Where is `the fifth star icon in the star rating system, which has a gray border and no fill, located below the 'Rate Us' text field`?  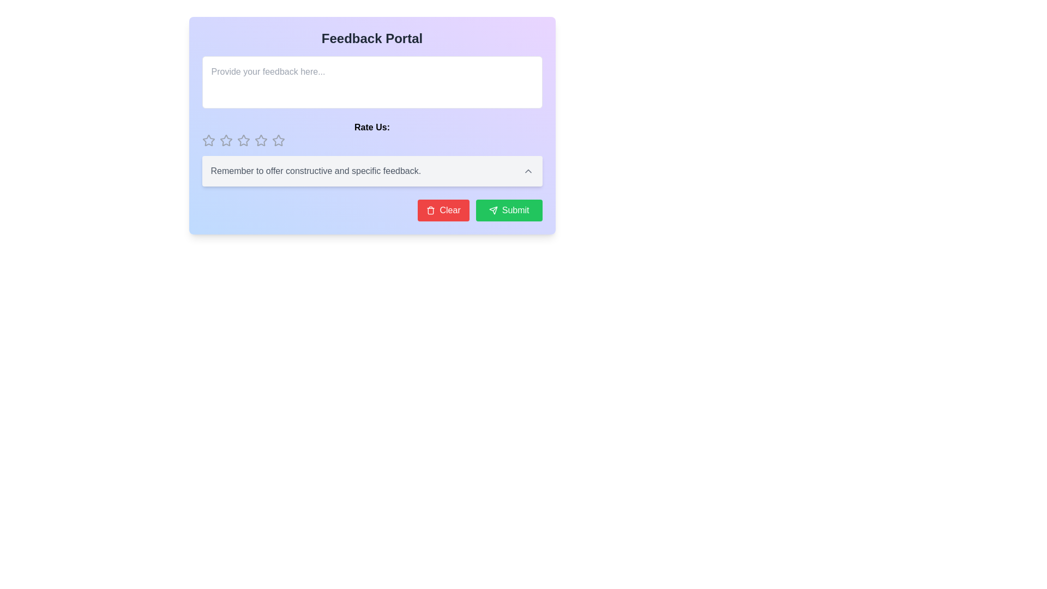
the fifth star icon in the star rating system, which has a gray border and no fill, located below the 'Rate Us' text field is located at coordinates (278, 140).